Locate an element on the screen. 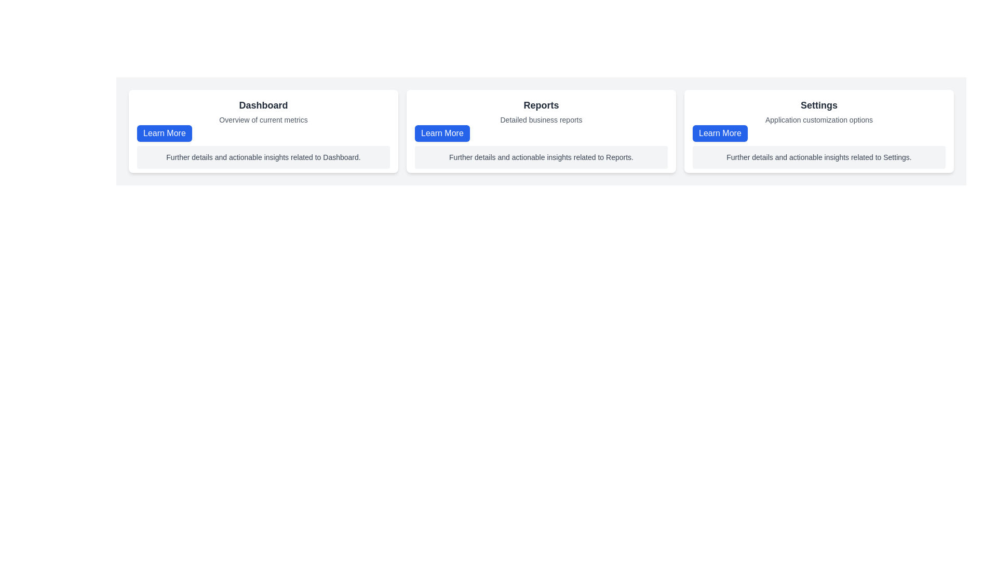 The height and width of the screenshot is (561, 997). the text block within the 'Settings' card, which provides a title and subtitle for the card is located at coordinates (818, 112).